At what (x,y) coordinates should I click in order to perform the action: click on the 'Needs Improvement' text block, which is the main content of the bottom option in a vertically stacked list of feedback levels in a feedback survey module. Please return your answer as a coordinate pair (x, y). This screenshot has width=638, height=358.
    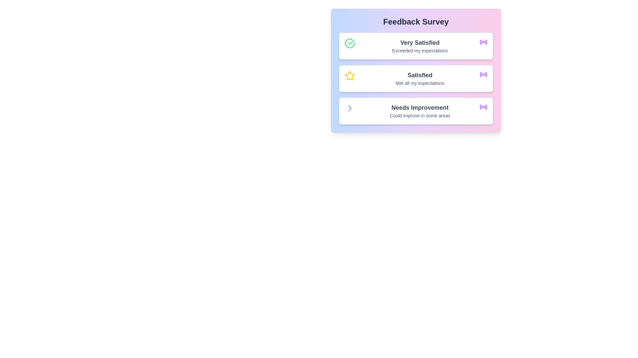
    Looking at the image, I should click on (419, 111).